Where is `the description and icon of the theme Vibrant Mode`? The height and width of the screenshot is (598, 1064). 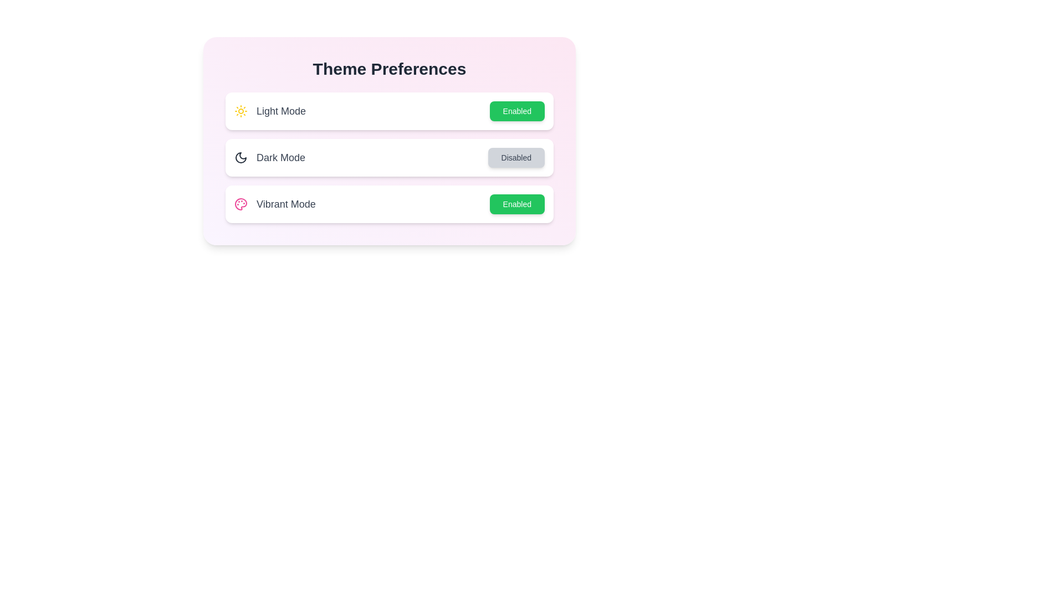
the description and icon of the theme Vibrant Mode is located at coordinates (241, 204).